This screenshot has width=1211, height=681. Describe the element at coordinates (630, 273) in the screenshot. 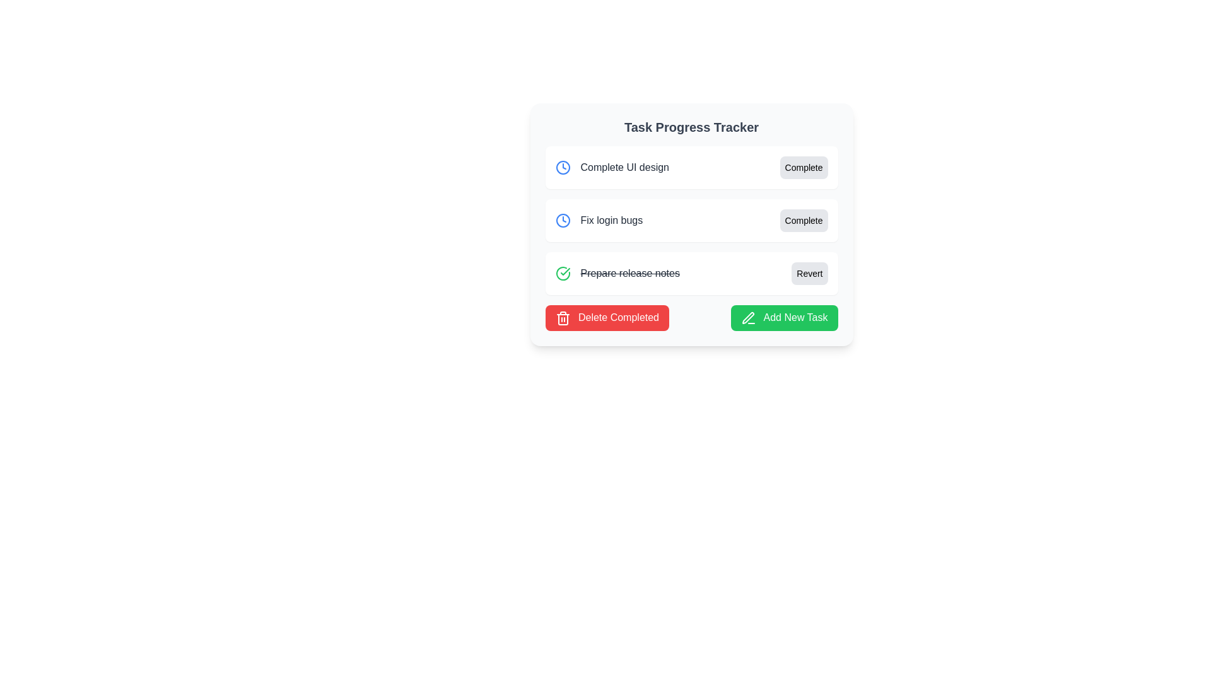

I see `the text label indicating a completed task, which features a strike-through style and is located in the middle section of a task card, aligned to the left of a green checkmark icon` at that location.